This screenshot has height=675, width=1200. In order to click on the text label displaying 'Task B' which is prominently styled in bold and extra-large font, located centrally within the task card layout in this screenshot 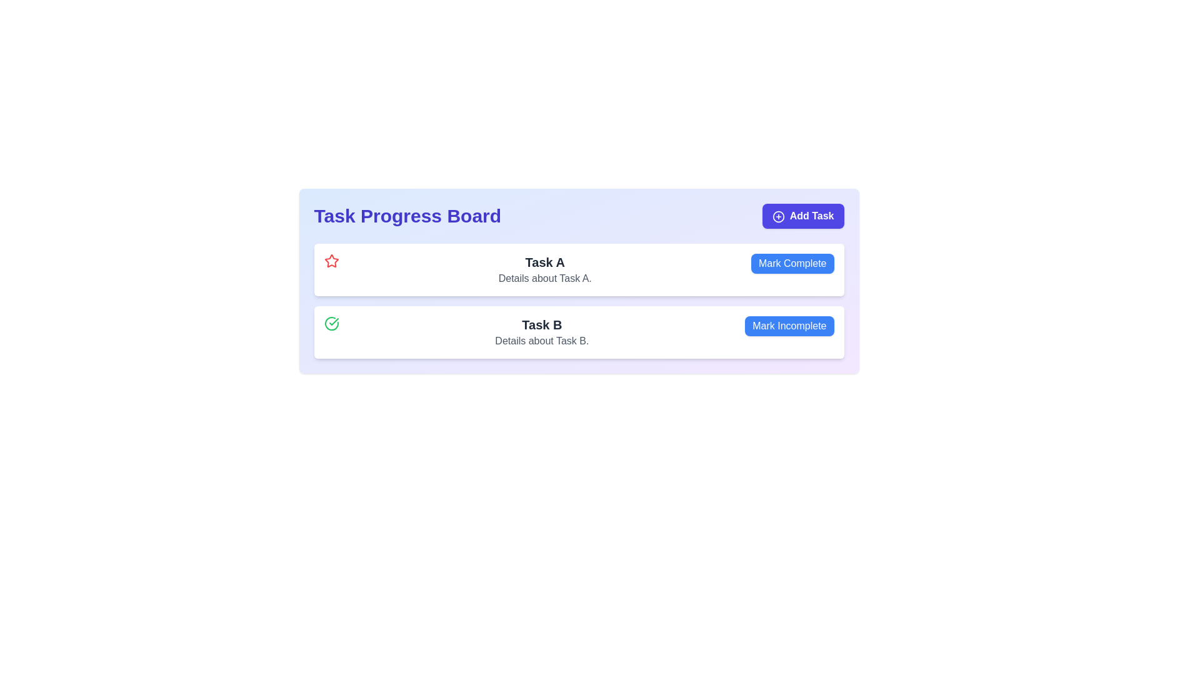, I will do `click(542, 324)`.